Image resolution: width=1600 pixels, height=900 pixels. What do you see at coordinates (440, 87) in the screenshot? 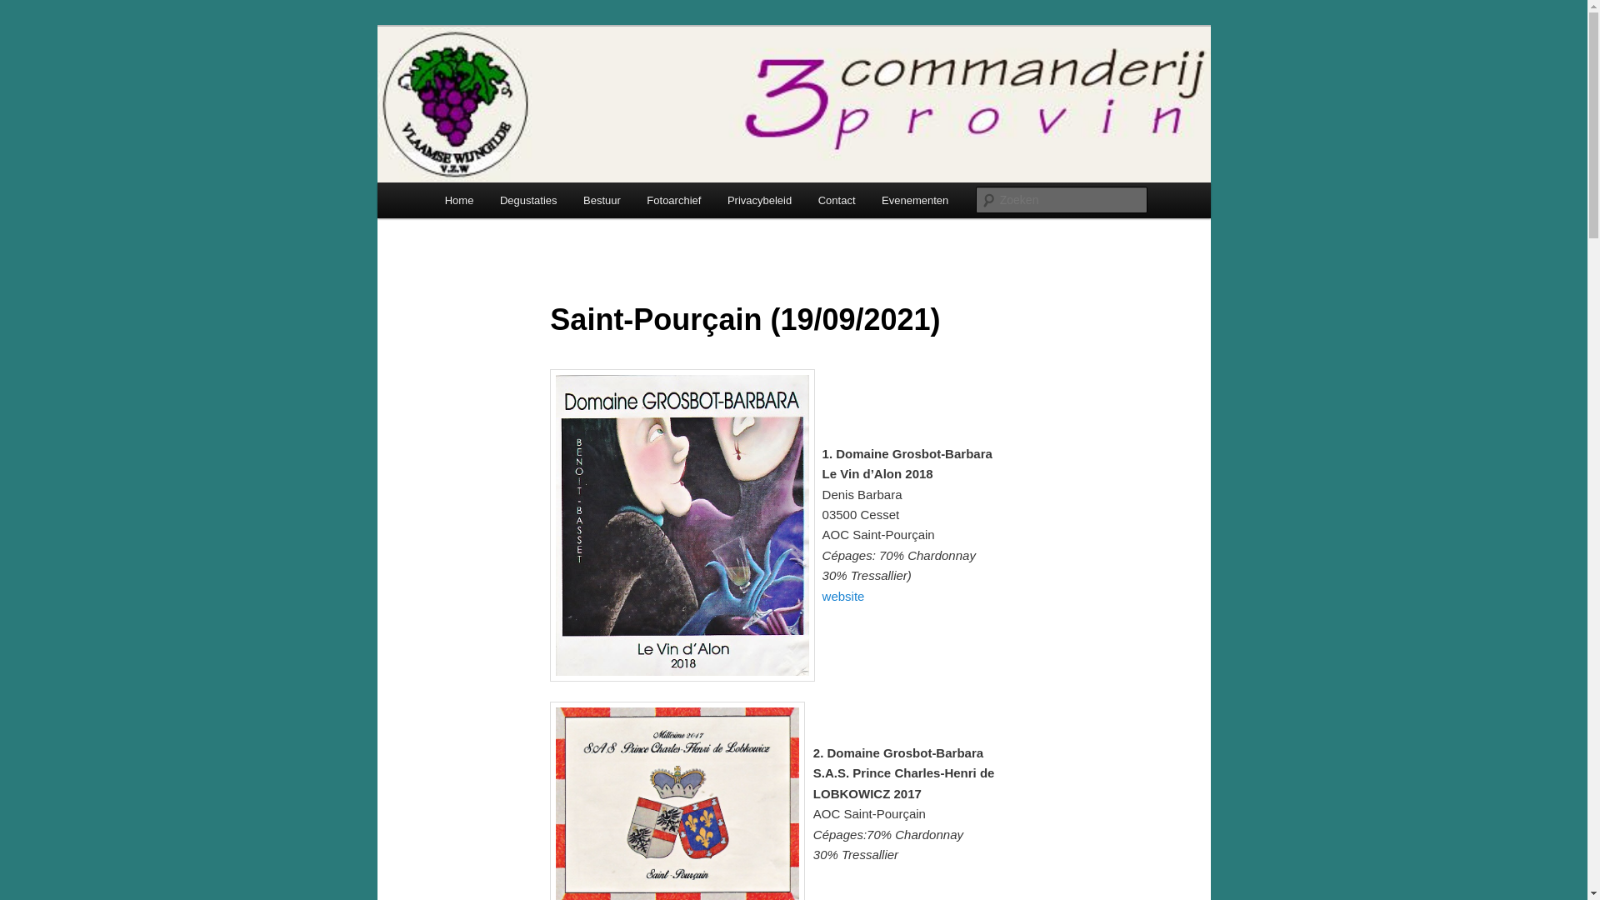
I see `'3ProVin'` at bounding box center [440, 87].